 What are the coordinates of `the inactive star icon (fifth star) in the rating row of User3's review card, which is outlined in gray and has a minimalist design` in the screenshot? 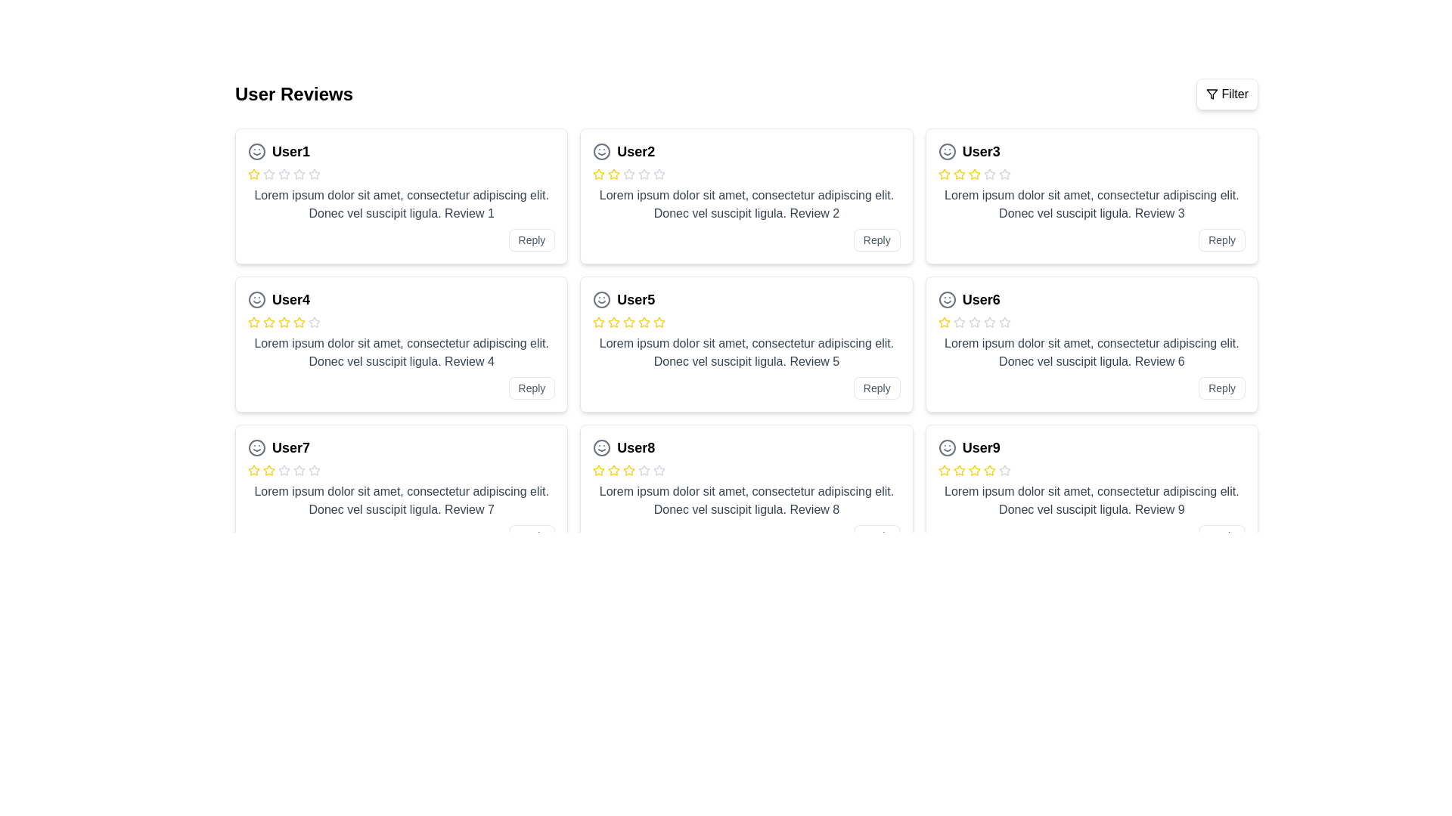 It's located at (989, 174).